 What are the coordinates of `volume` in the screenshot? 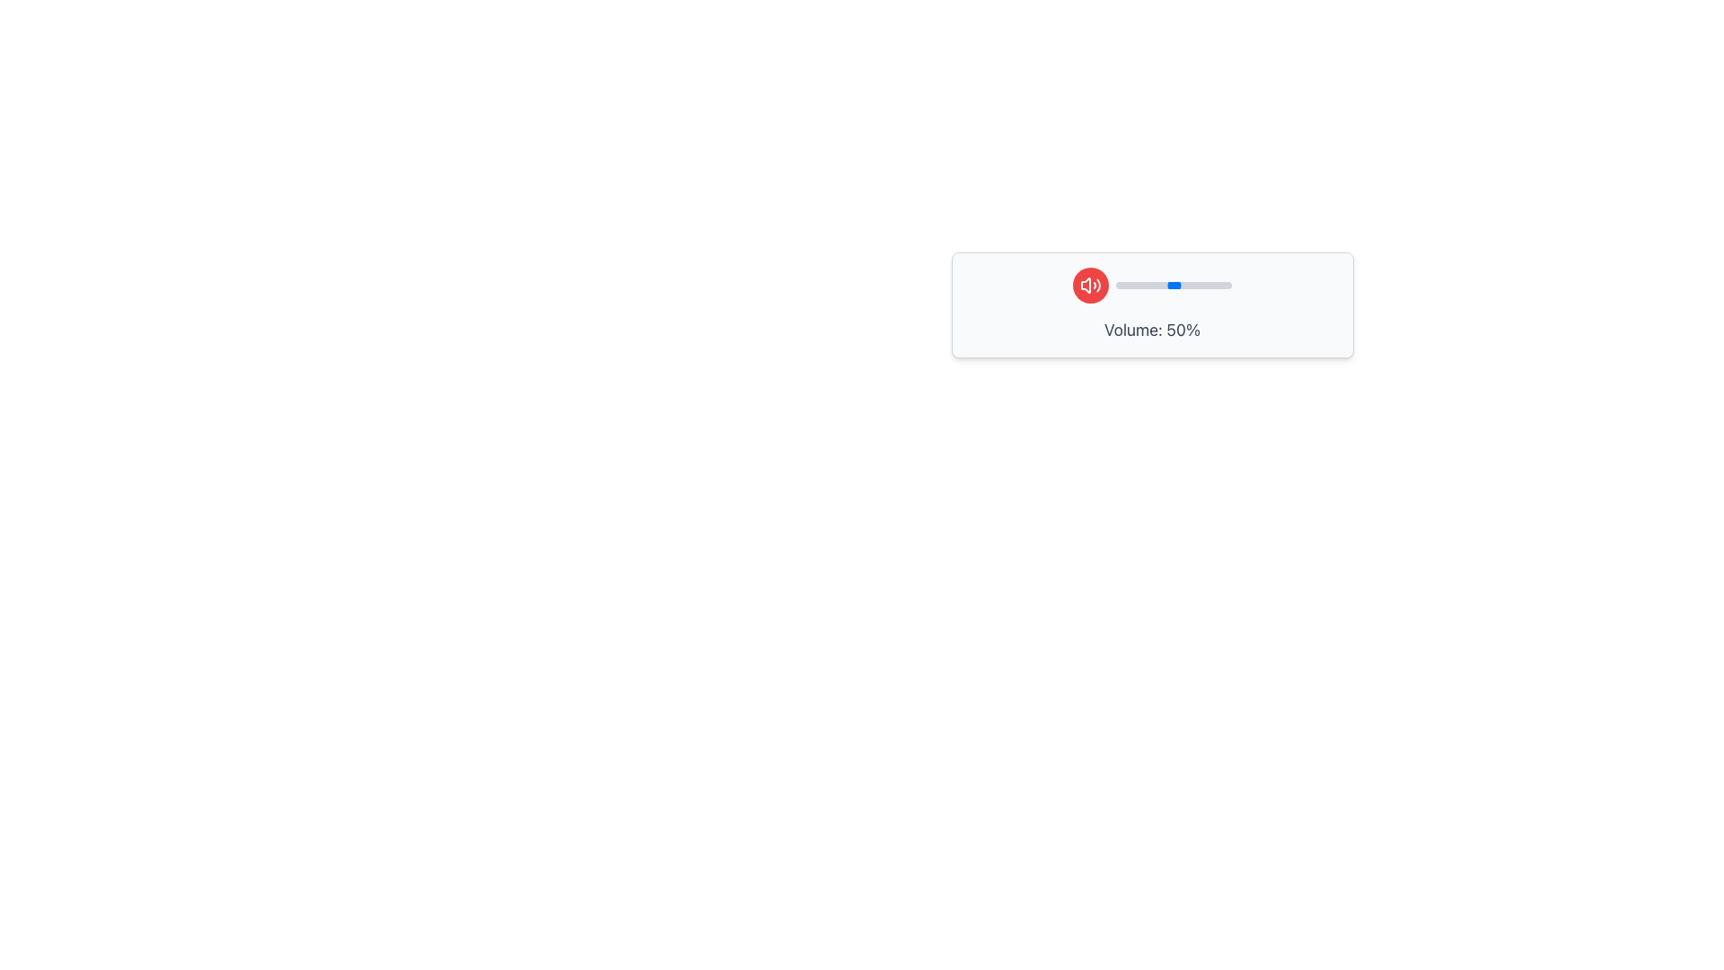 It's located at (1226, 284).